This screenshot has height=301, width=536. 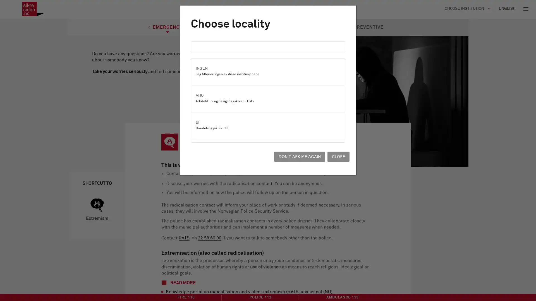 What do you see at coordinates (299, 157) in the screenshot?
I see `DON'T ASK ME AGAIN` at bounding box center [299, 157].